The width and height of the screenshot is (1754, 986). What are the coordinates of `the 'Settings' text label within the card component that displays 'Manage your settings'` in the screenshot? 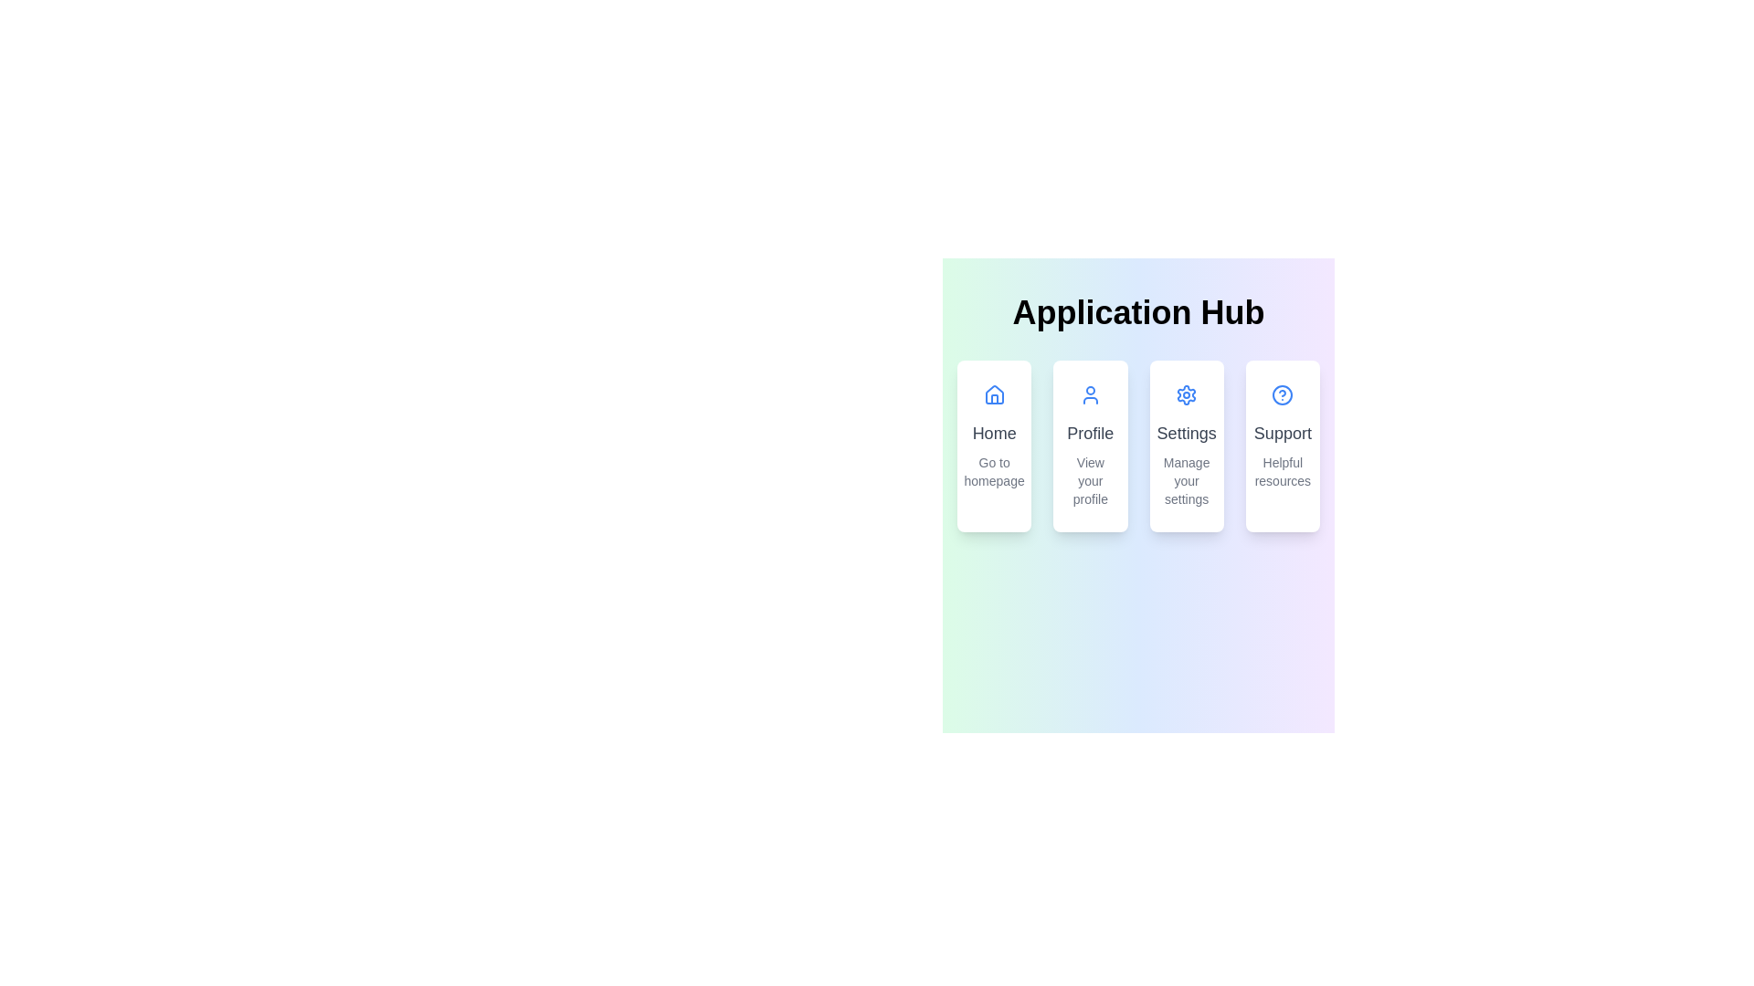 It's located at (1187, 433).